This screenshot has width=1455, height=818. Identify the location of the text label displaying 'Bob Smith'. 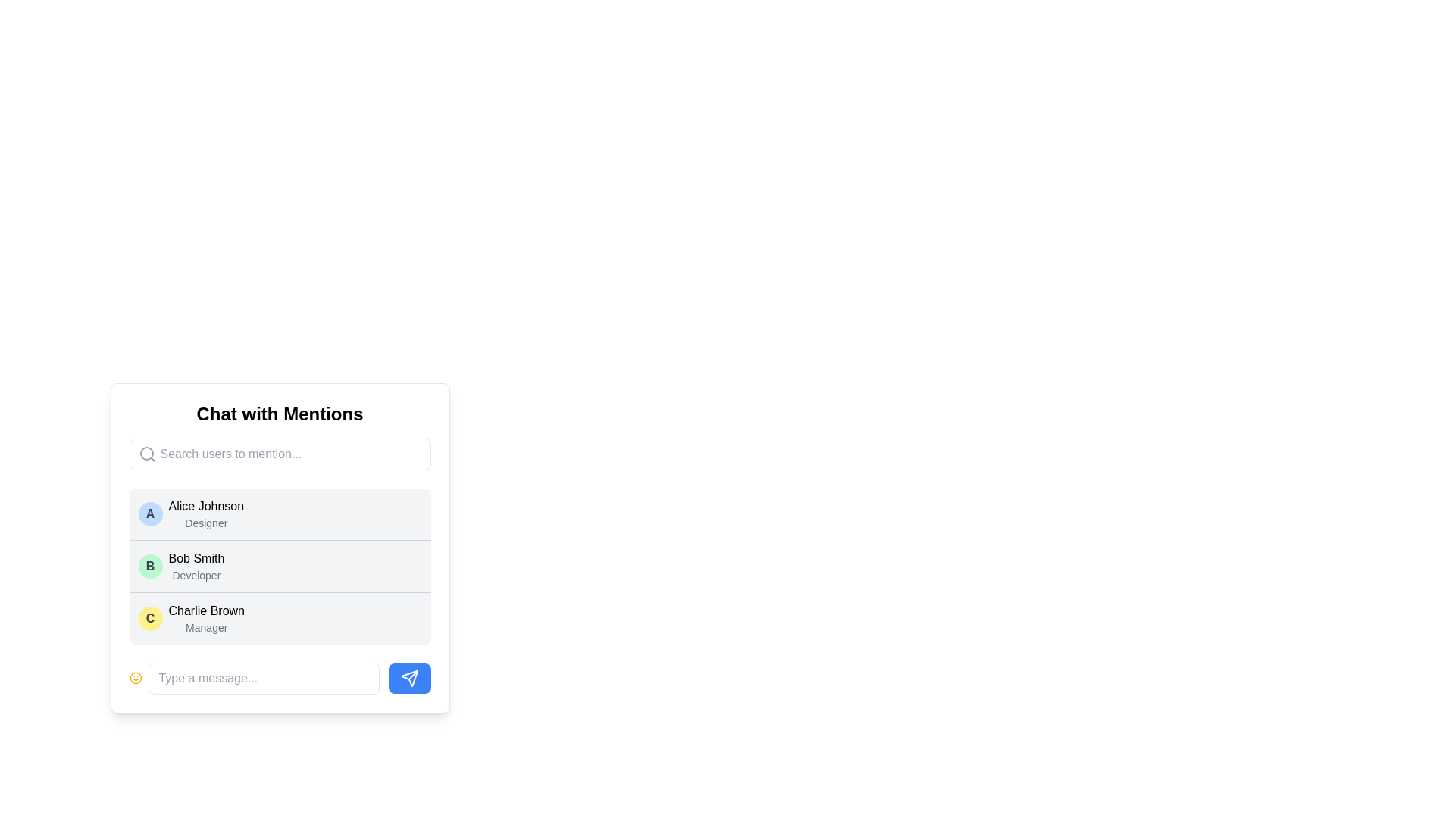
(196, 558).